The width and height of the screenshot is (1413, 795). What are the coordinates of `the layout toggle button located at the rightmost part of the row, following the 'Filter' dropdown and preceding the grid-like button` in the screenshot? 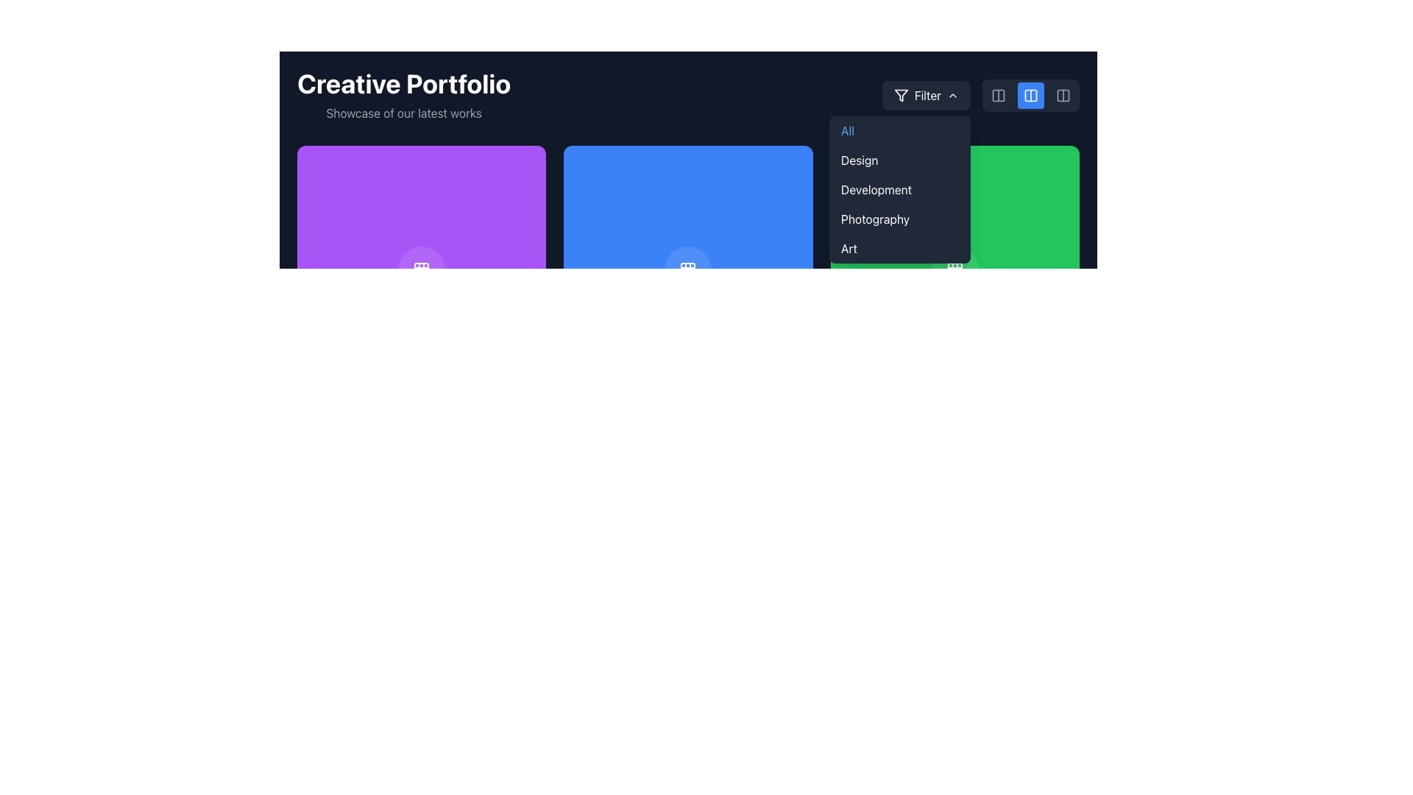 It's located at (980, 96).